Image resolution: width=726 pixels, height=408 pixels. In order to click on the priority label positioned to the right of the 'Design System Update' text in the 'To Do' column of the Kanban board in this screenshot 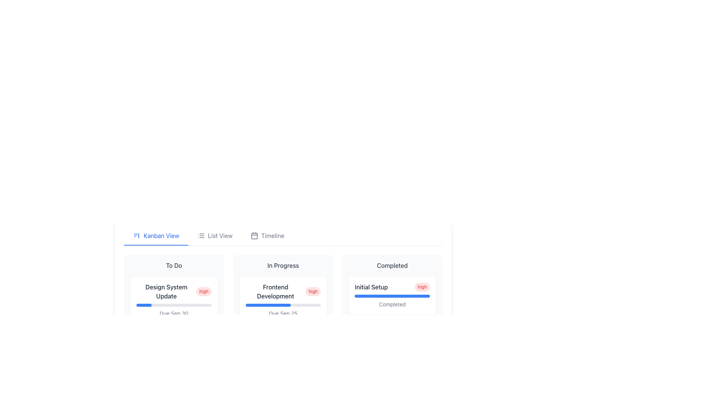, I will do `click(204, 291)`.